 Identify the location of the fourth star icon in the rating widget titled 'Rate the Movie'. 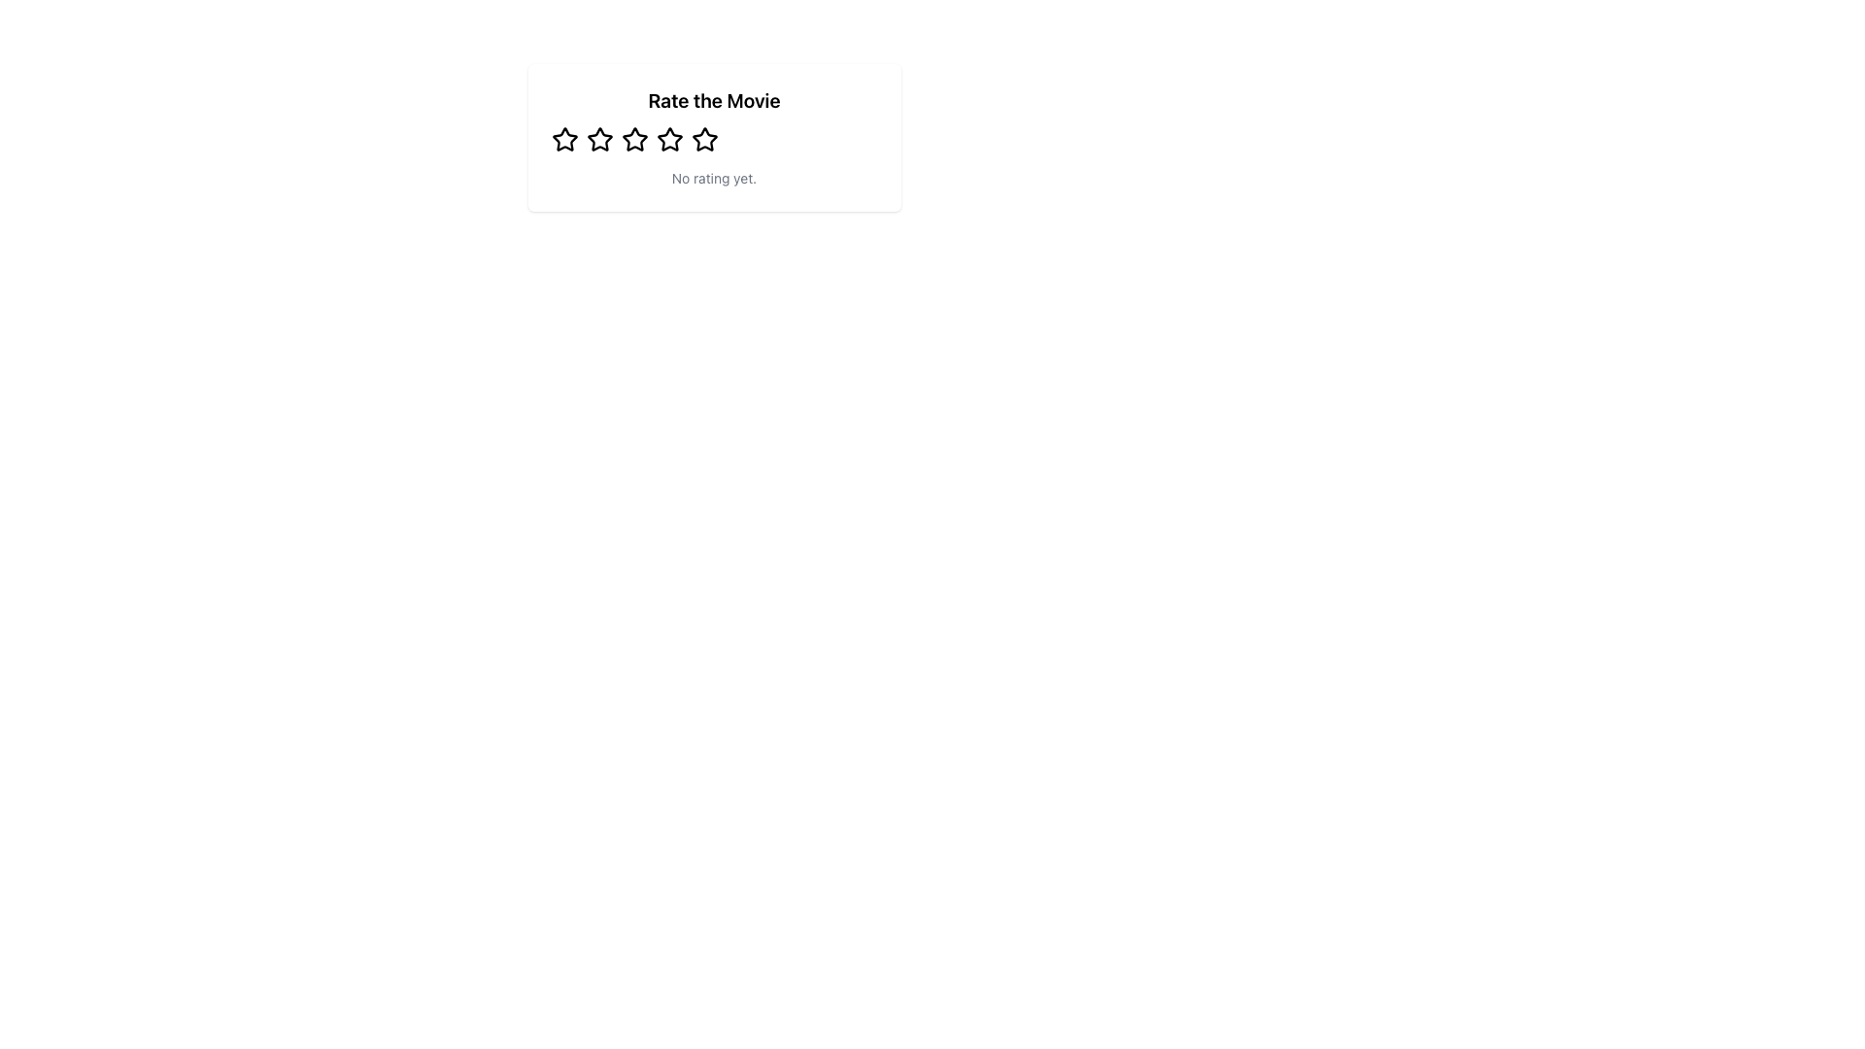
(634, 138).